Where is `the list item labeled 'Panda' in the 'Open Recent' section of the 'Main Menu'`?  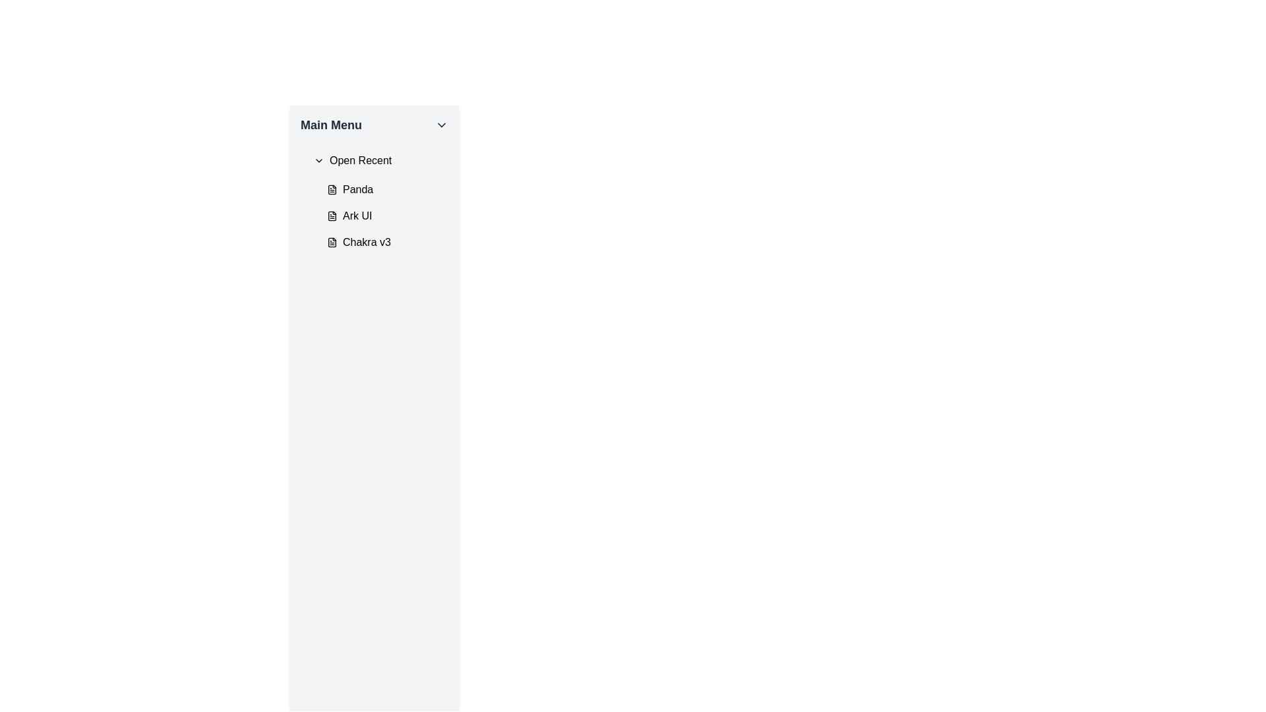
the list item labeled 'Panda' in the 'Open Recent' section of the 'Main Menu' is located at coordinates (373, 200).